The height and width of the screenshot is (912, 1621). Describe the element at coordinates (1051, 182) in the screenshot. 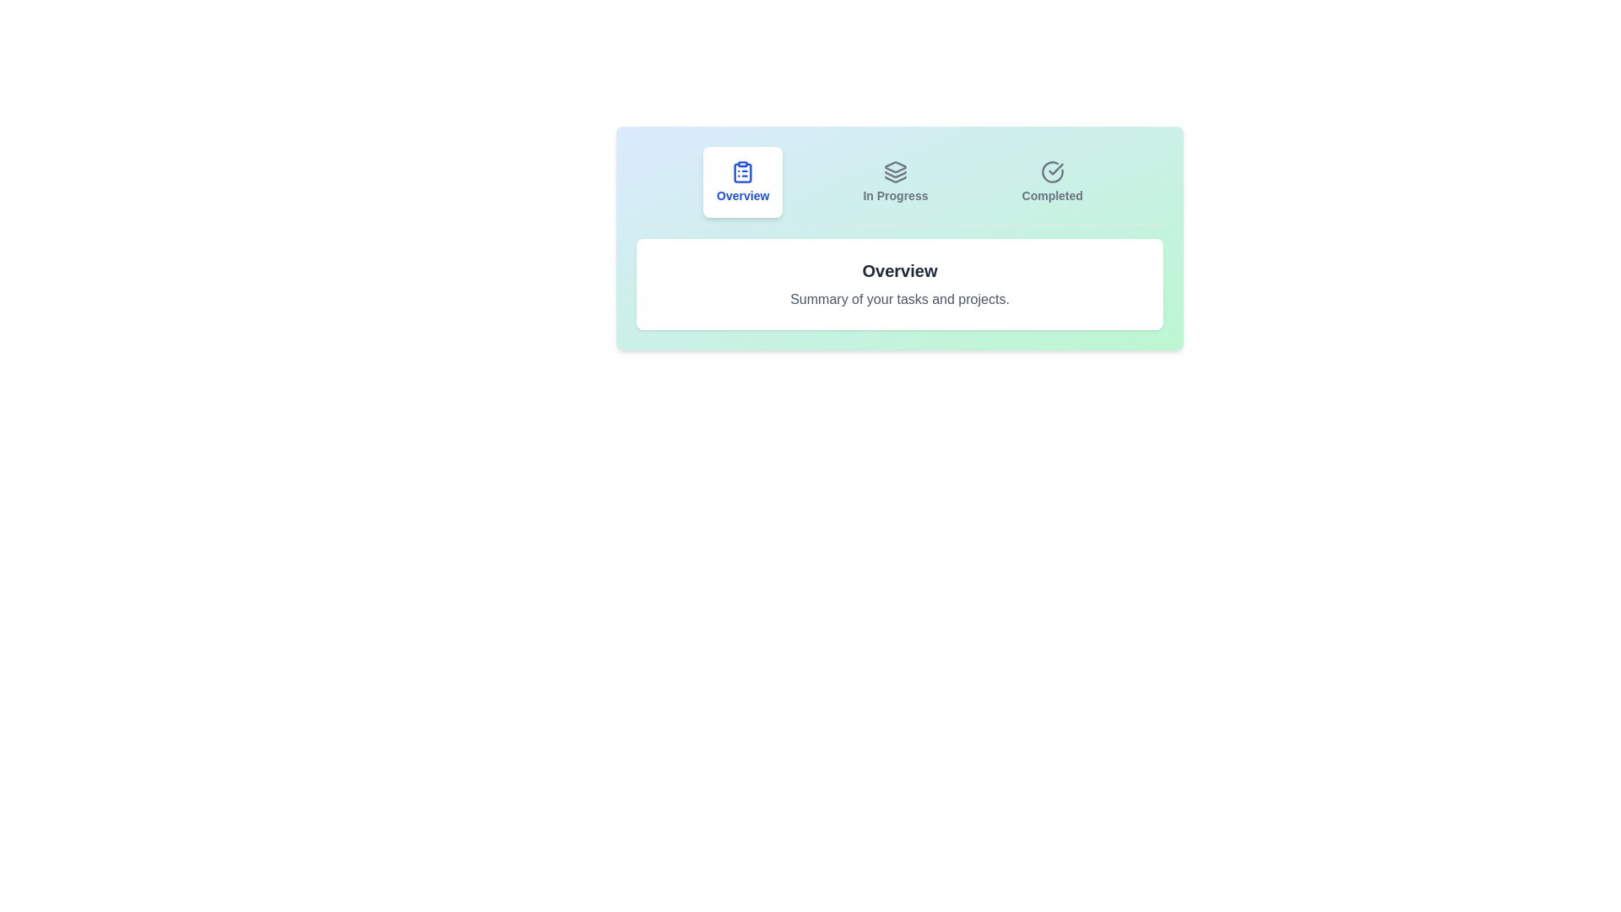

I see `the tab labeled Completed to view its summary text` at that location.